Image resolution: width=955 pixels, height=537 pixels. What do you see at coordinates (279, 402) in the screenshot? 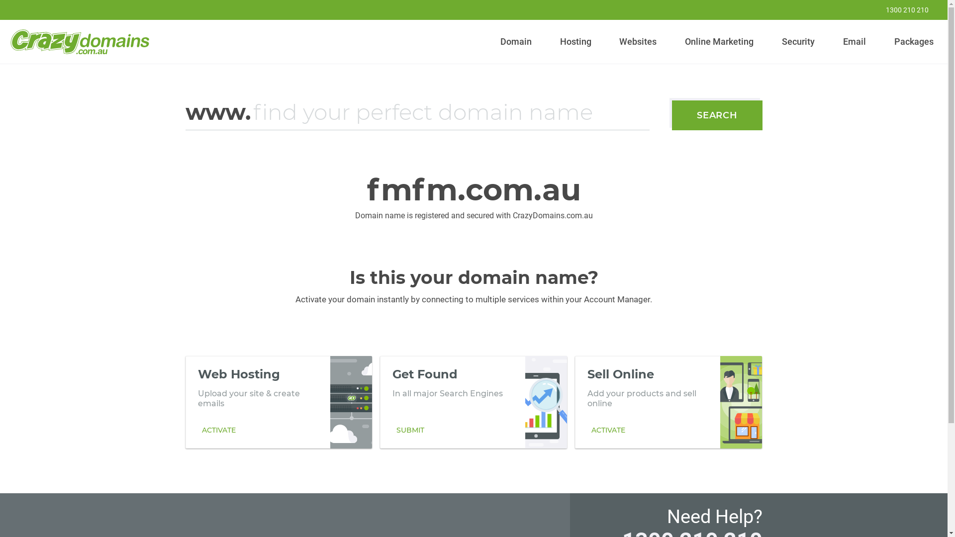
I see `'Web Hosting` at bounding box center [279, 402].